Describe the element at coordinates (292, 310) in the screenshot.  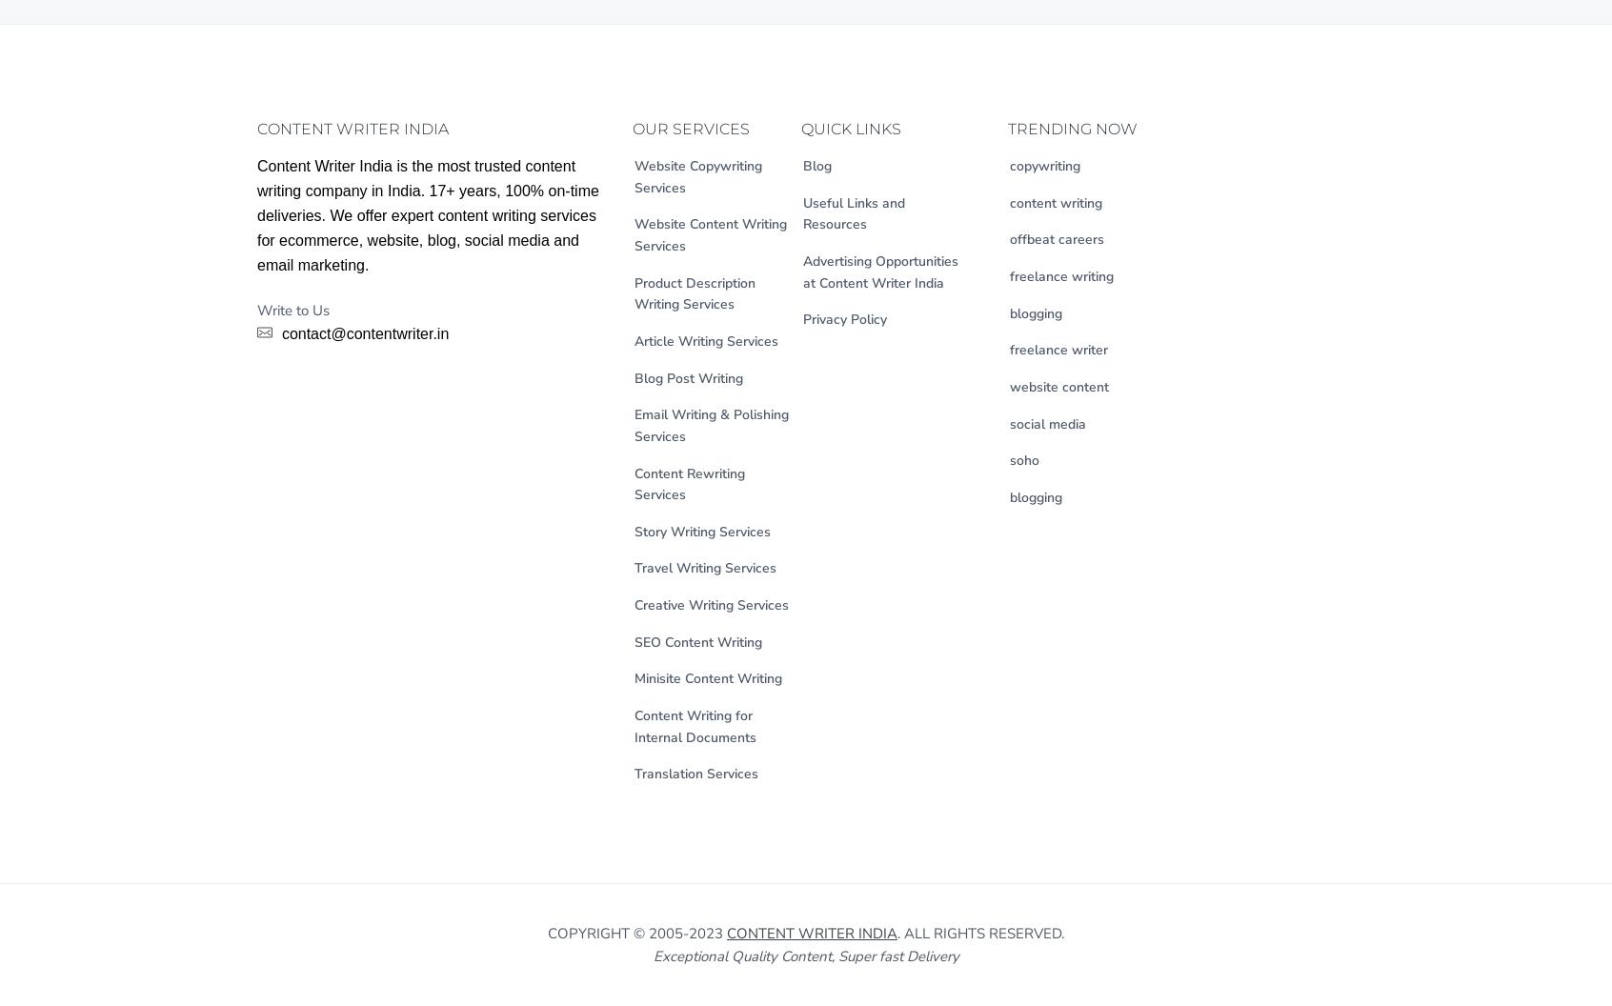
I see `'Write to Us'` at that location.